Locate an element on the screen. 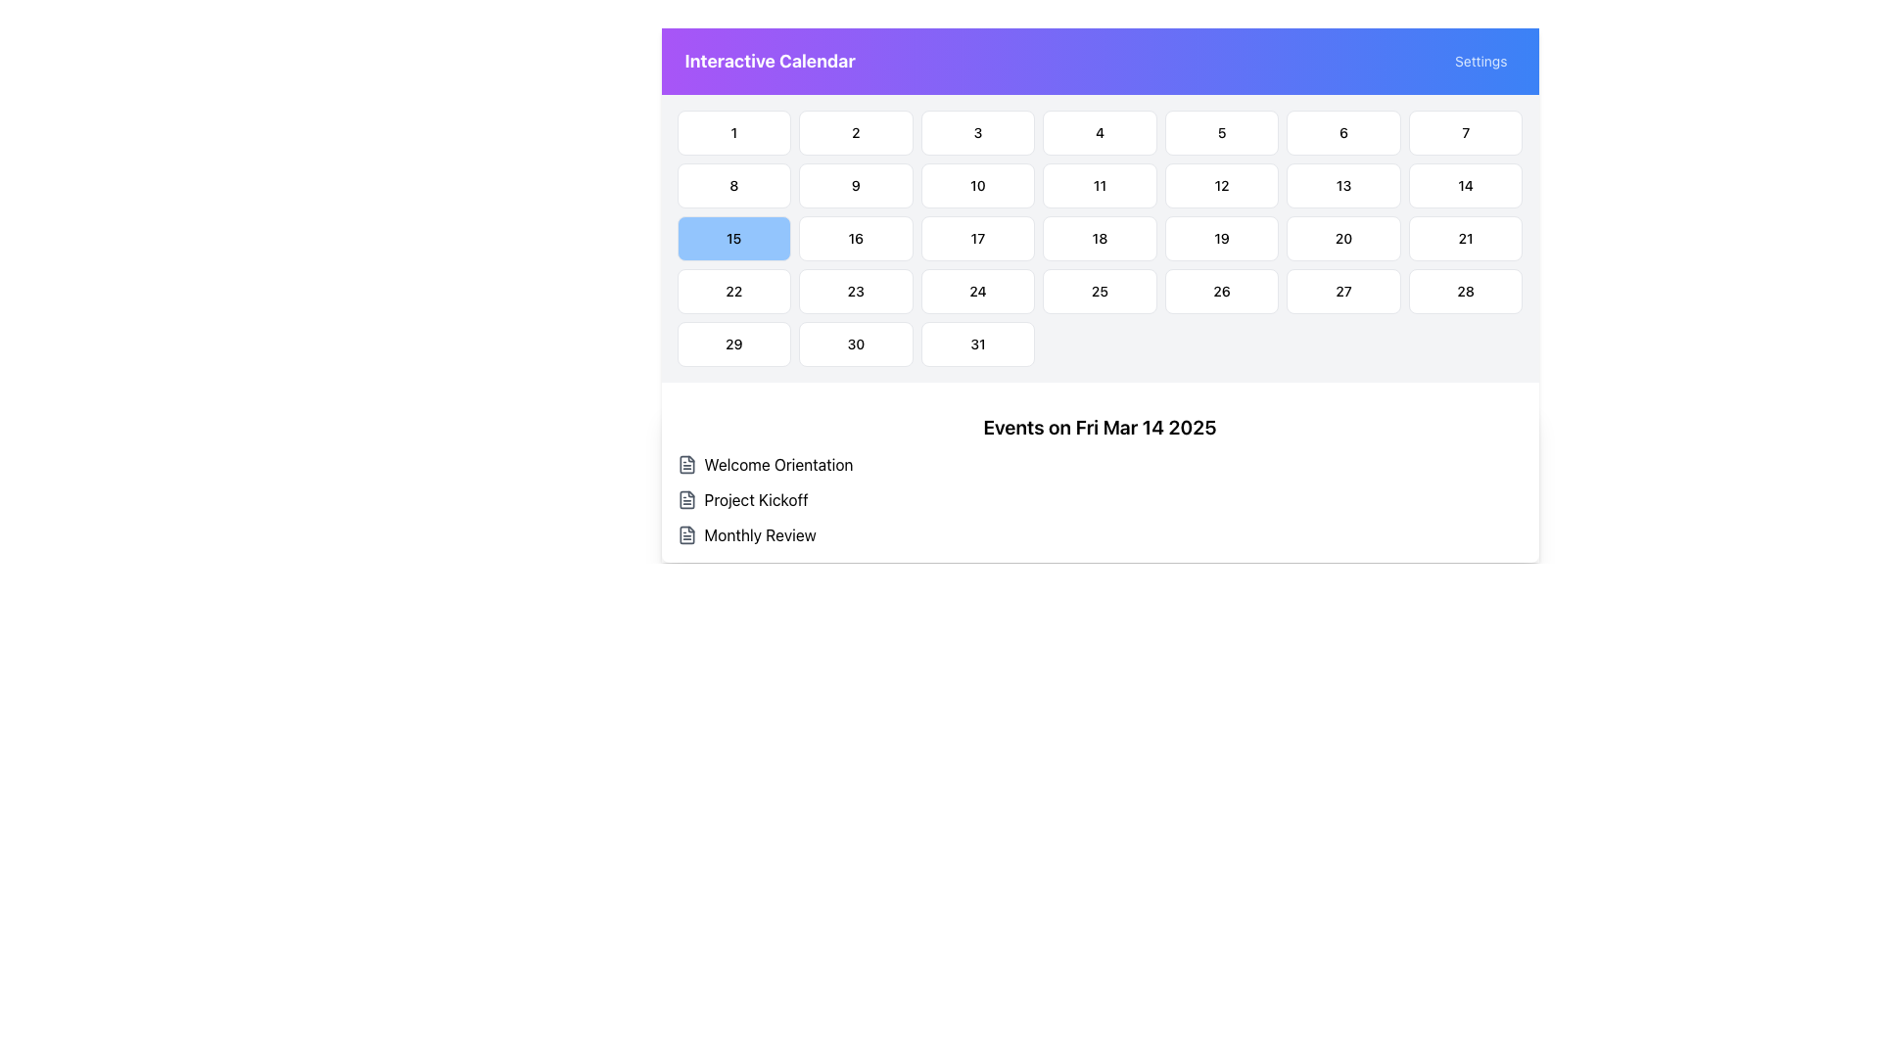 This screenshot has height=1057, width=1880. the calendar day cell displaying the number '16', which is located in the 3rd row and 2nd column of the calendar grid is located at coordinates (856, 237).